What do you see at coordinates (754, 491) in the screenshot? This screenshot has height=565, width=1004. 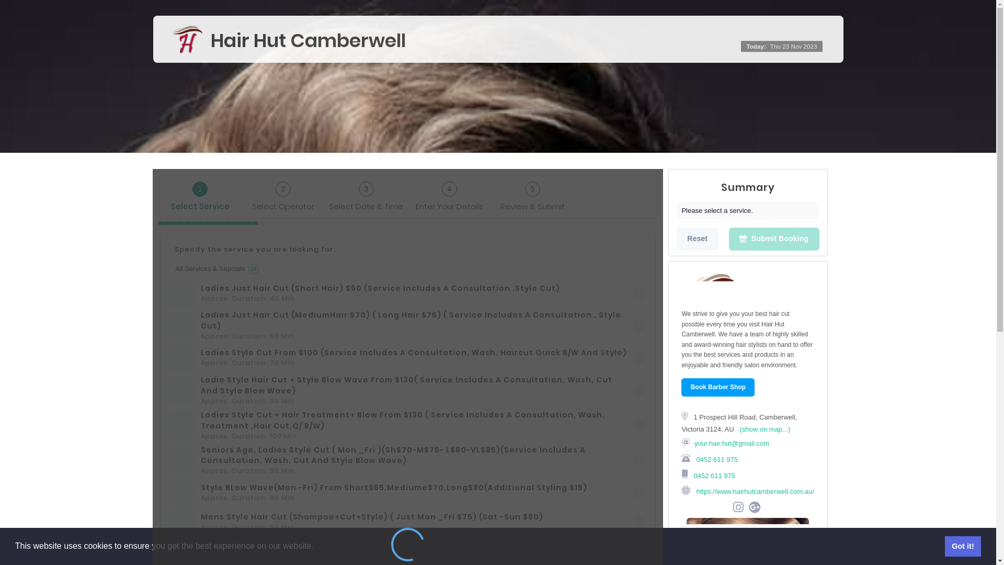 I see `'https://www.hairhutcamberwell.com.au/'` at bounding box center [754, 491].